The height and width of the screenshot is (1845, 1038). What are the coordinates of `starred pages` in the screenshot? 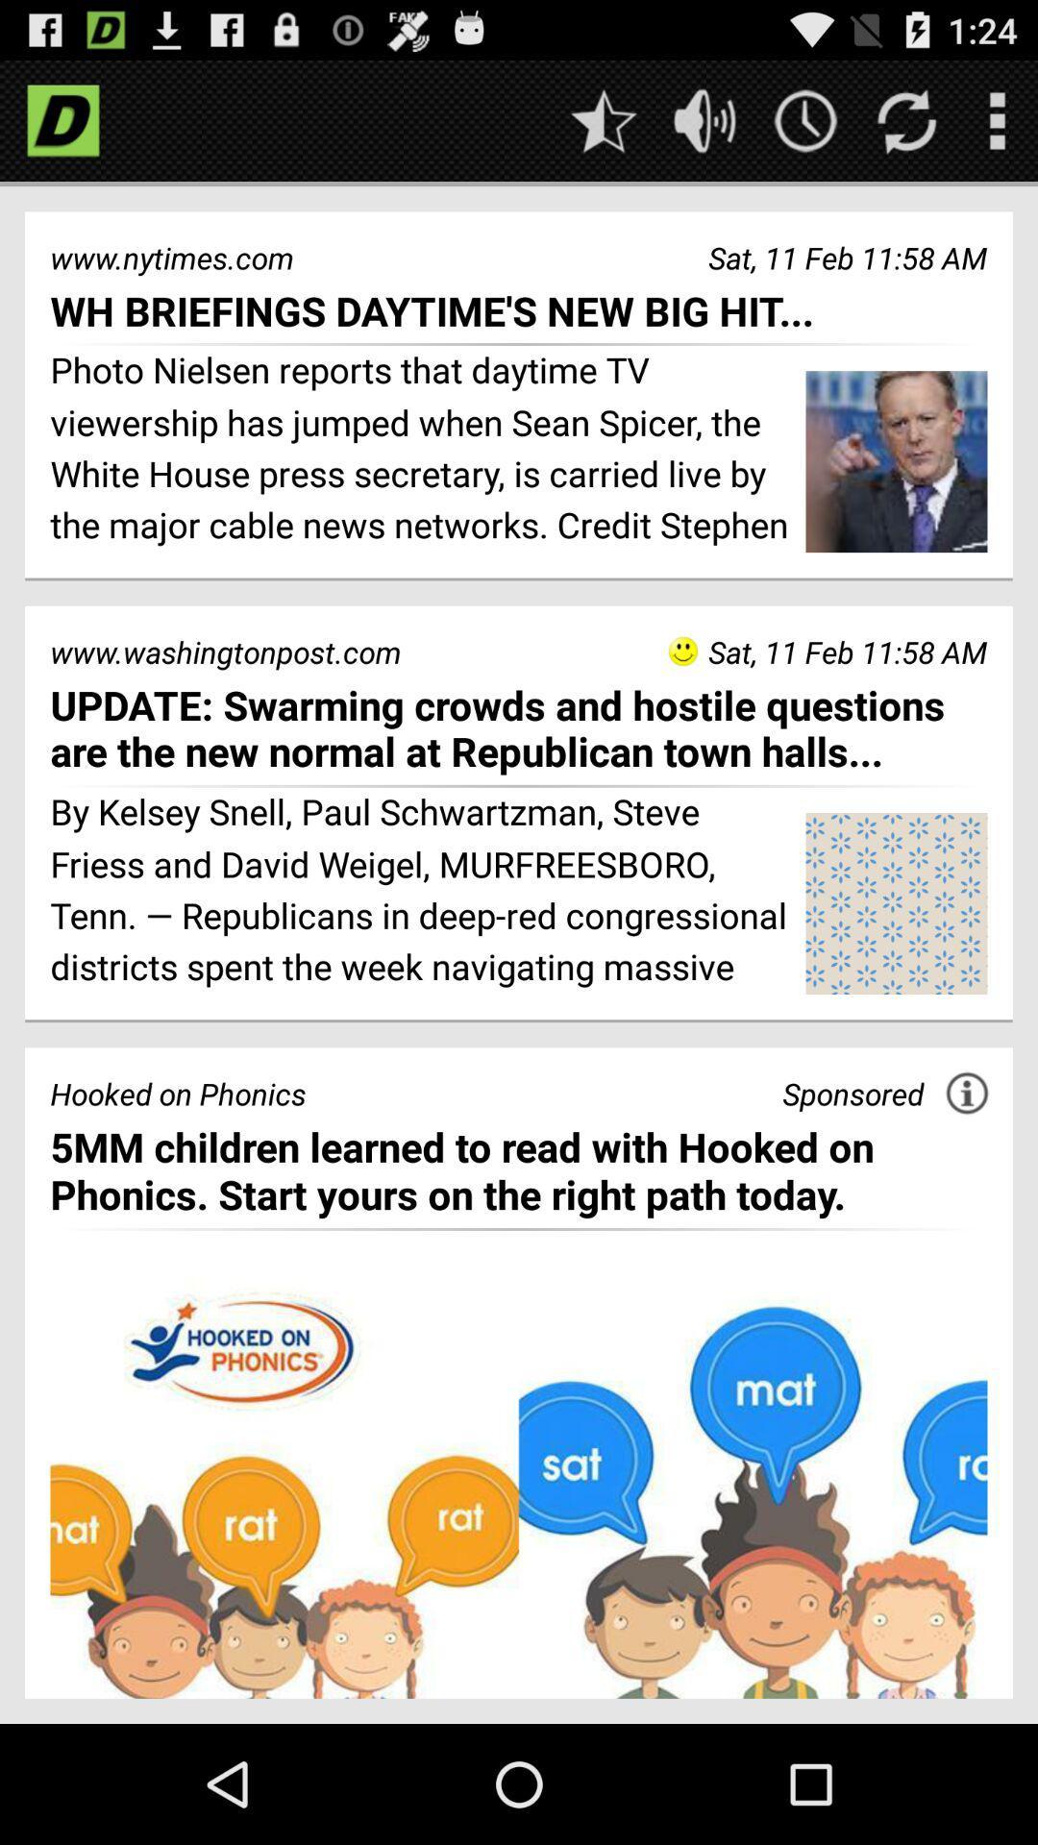 It's located at (603, 119).